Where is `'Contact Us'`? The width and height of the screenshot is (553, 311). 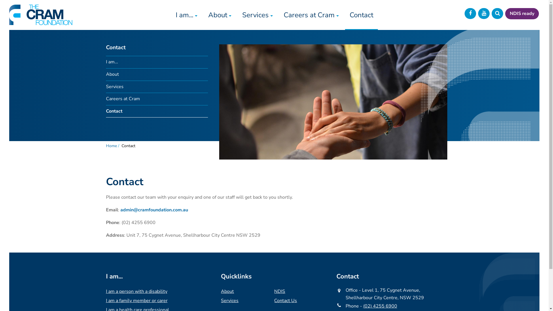 'Contact Us' is located at coordinates (285, 300).